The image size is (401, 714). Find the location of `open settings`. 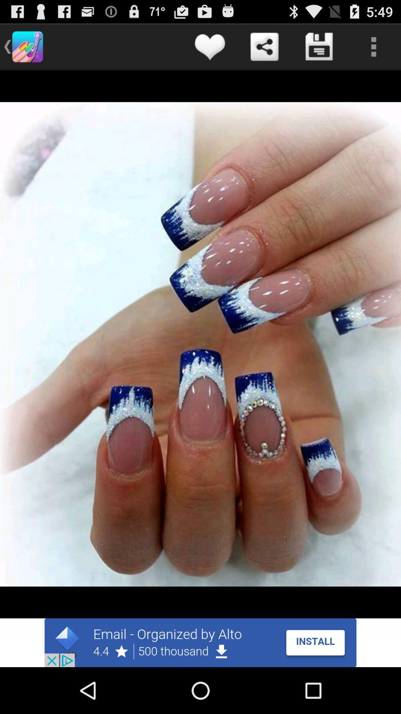

open settings is located at coordinates (374, 46).